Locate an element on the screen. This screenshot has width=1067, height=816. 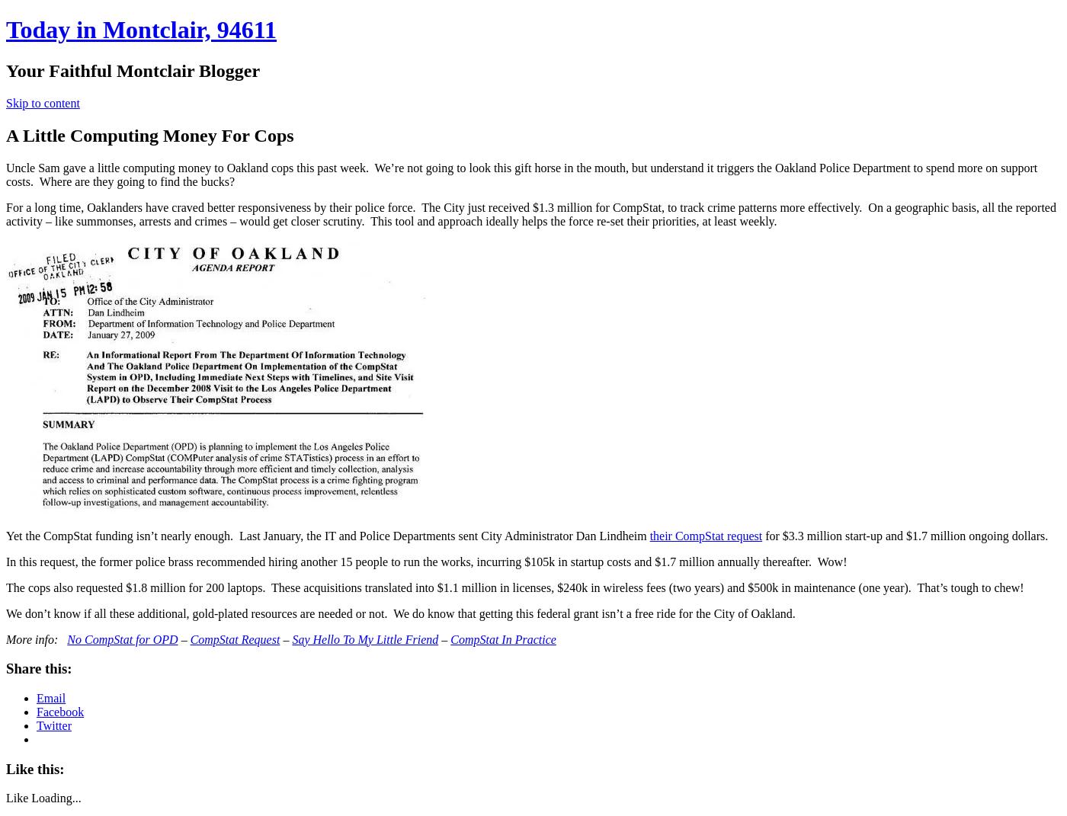
'CompStat Request' is located at coordinates (235, 638).